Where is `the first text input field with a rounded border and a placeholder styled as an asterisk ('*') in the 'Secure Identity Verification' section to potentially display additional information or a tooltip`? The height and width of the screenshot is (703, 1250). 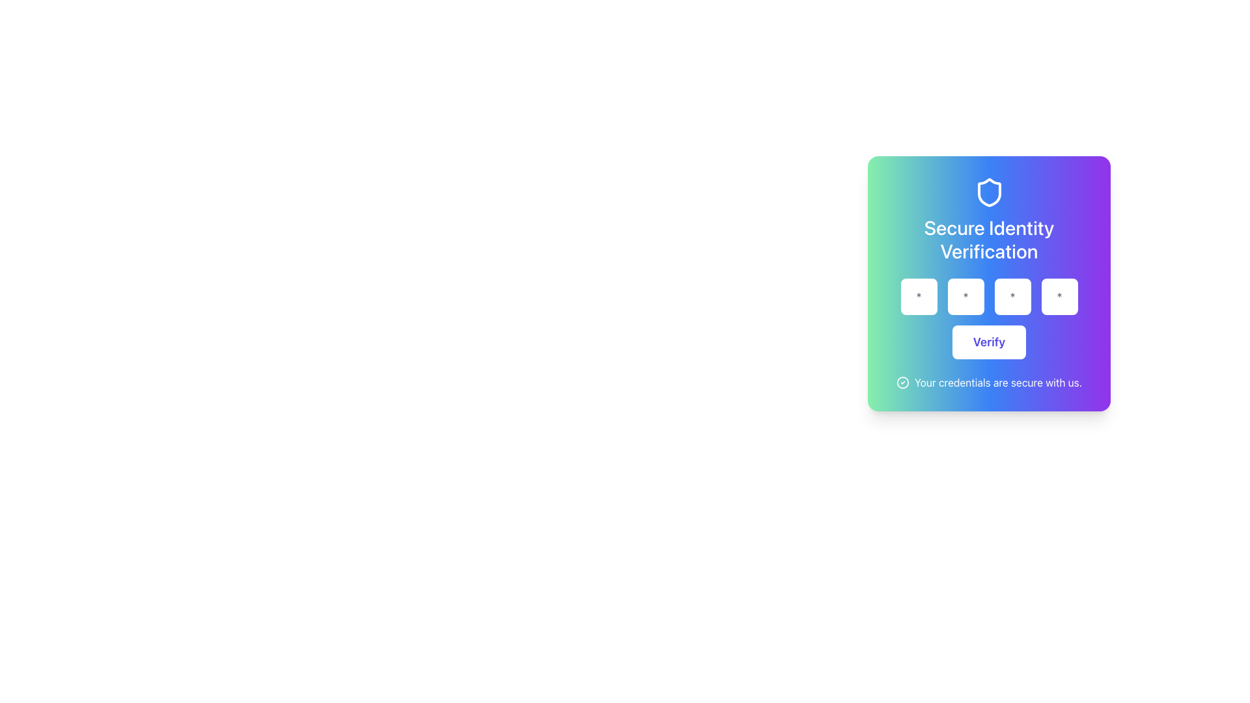
the first text input field with a rounded border and a placeholder styled as an asterisk ('*') in the 'Secure Identity Verification' section to potentially display additional information or a tooltip is located at coordinates (918, 296).